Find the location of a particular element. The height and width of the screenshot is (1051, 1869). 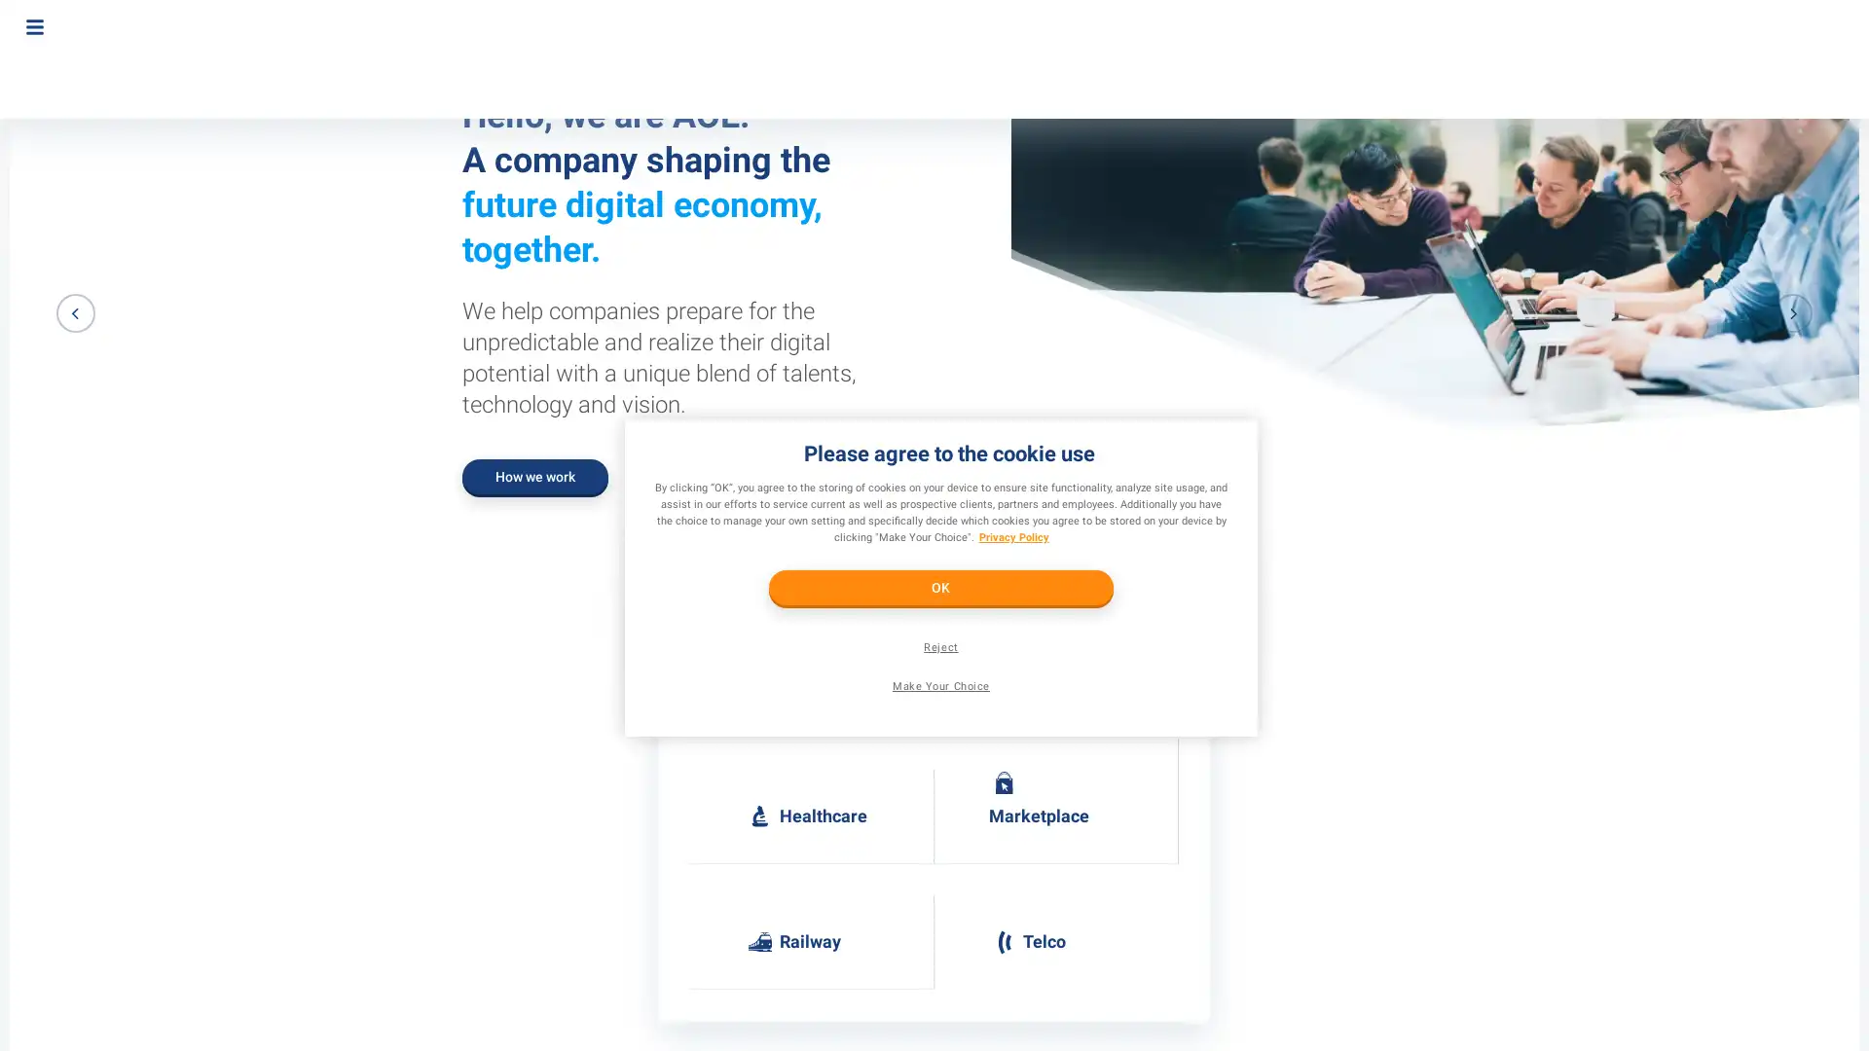

Reject is located at coordinates (940, 647).